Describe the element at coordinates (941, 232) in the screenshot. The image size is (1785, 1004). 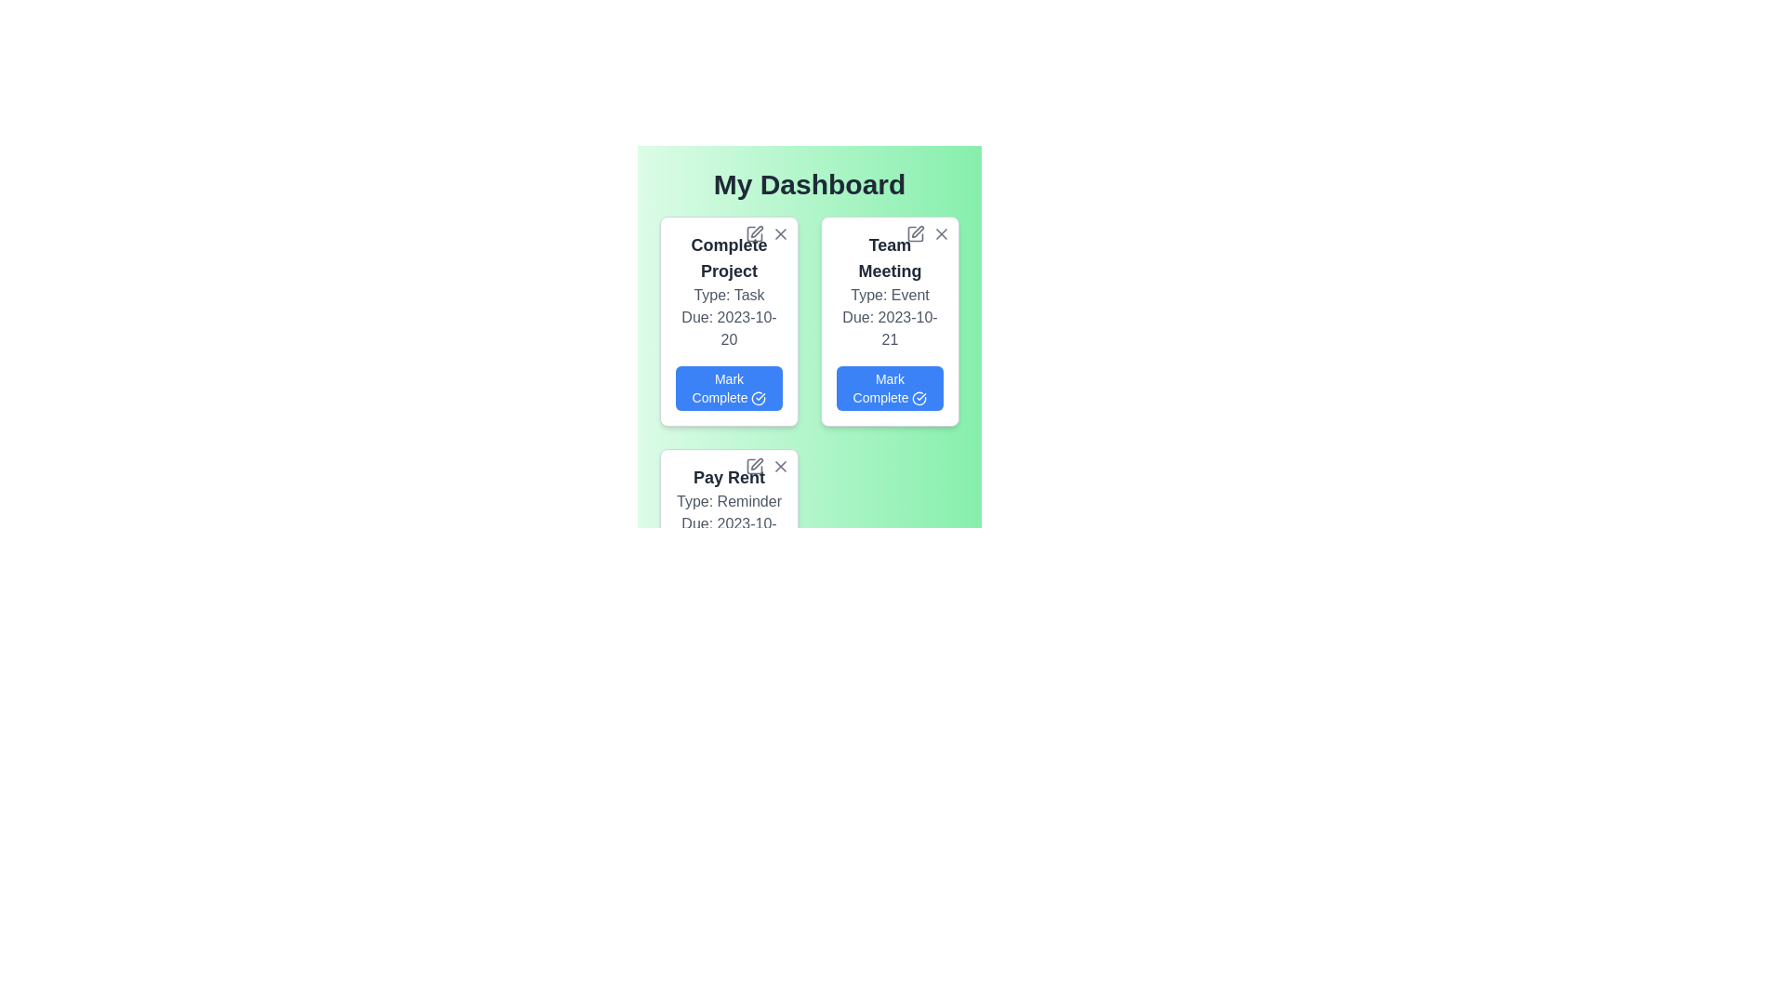
I see `the Close button located in the top right corner of the 'Team Meeting' card within the SVG graphic` at that location.